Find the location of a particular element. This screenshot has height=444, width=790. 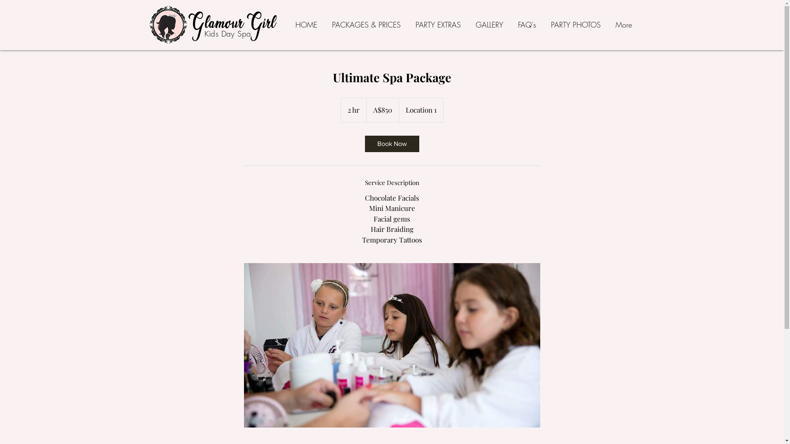

'FAQ's' is located at coordinates (527, 24).